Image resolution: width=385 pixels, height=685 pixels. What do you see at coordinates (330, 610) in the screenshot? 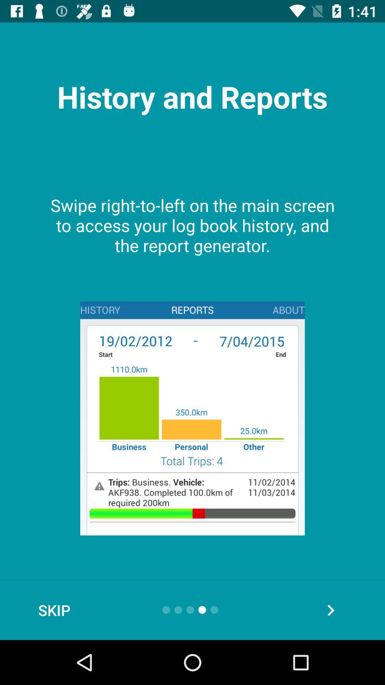
I see `switch autoplay option` at bounding box center [330, 610].